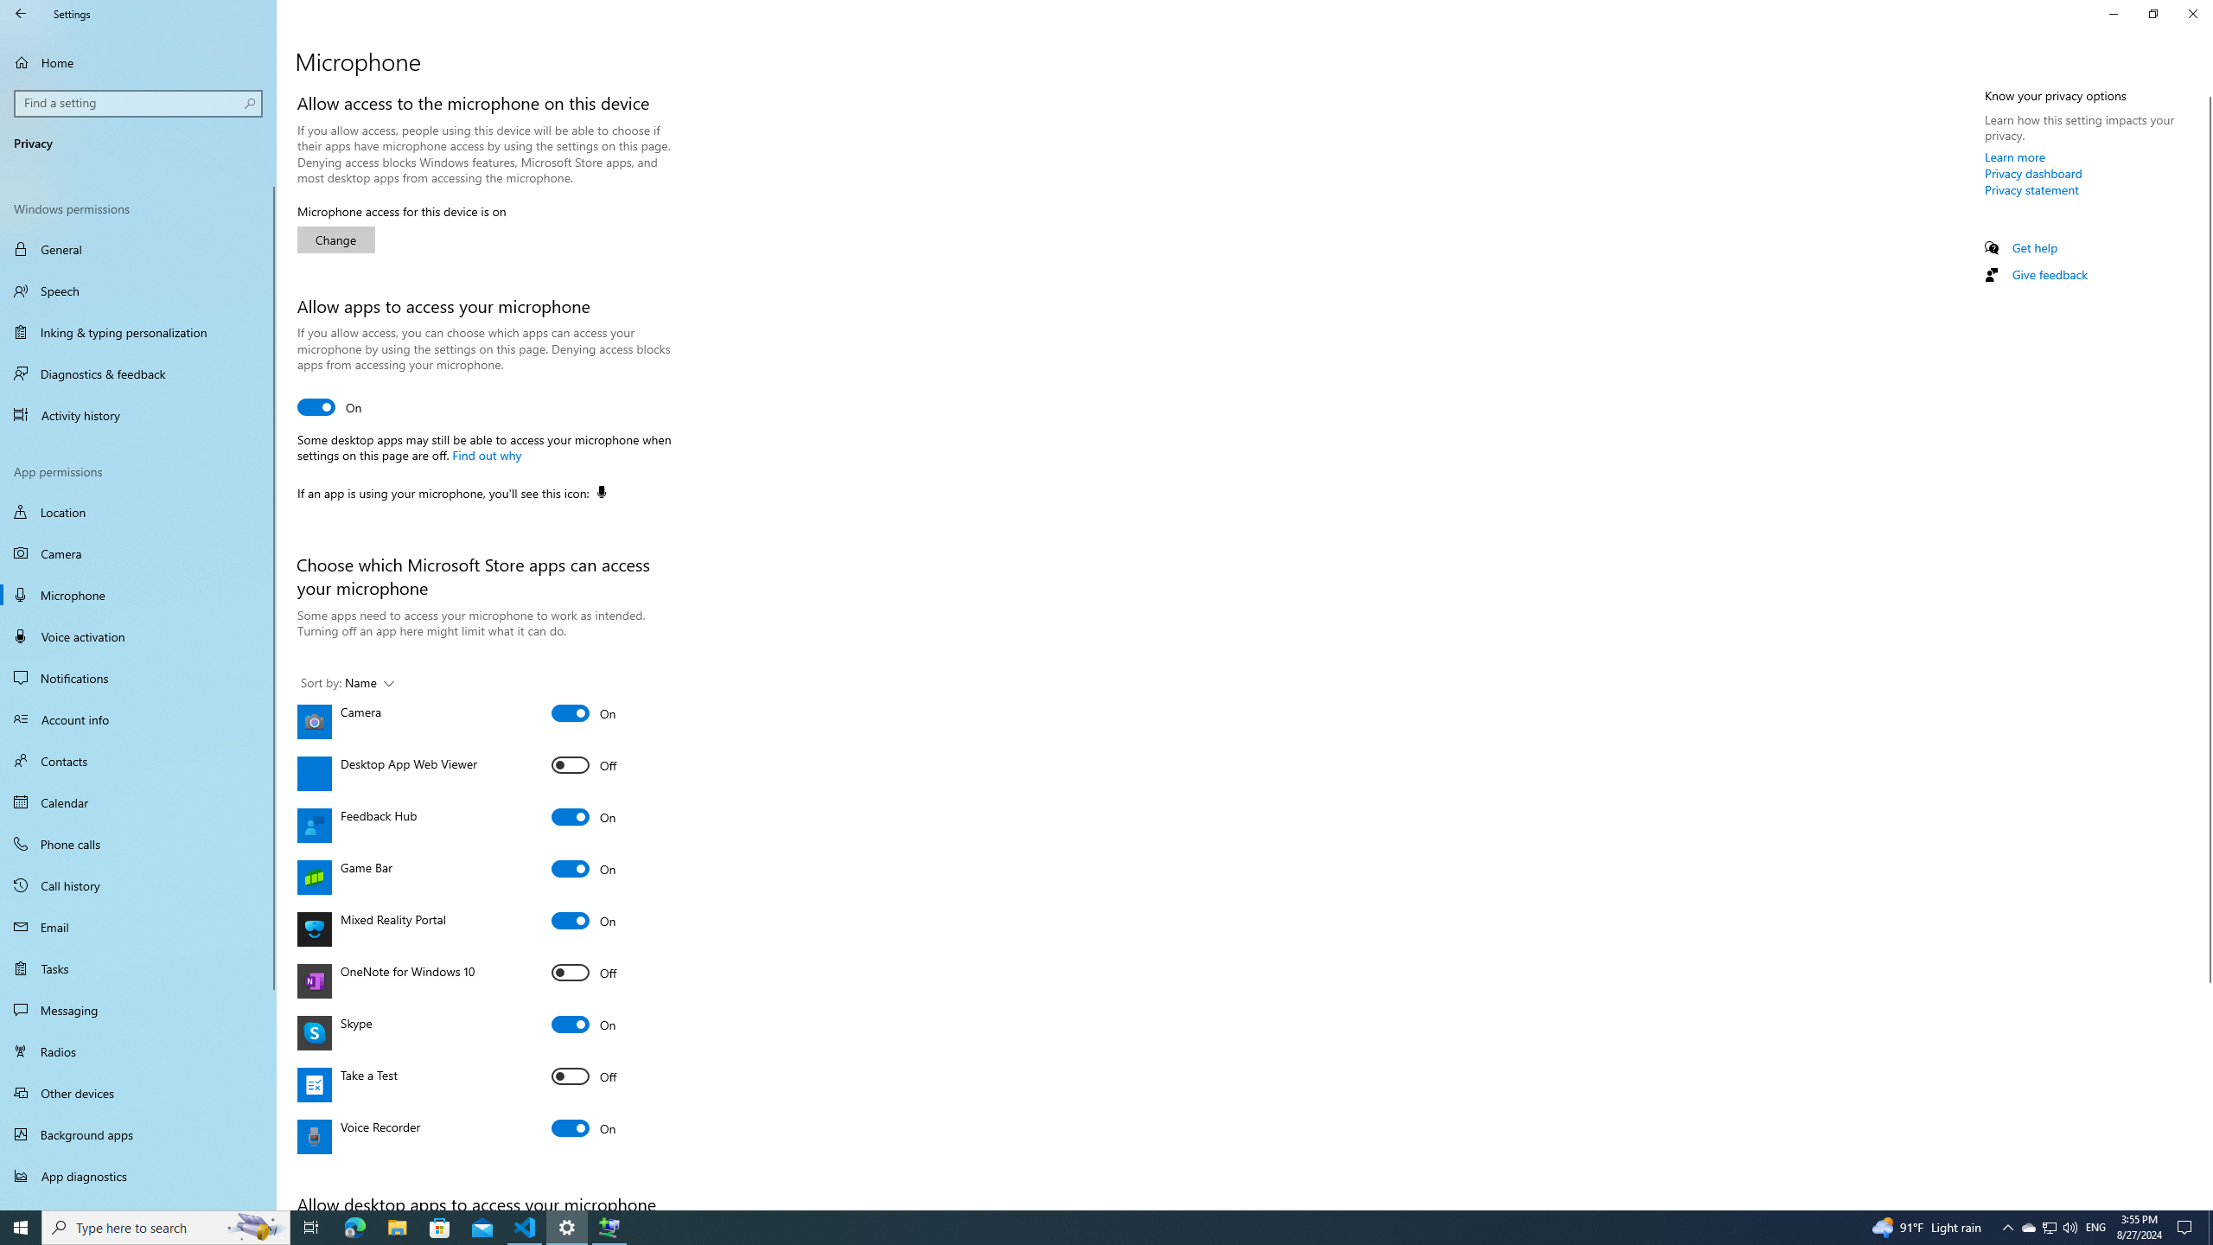  Describe the element at coordinates (137, 1175) in the screenshot. I see `'App diagnostics'` at that location.